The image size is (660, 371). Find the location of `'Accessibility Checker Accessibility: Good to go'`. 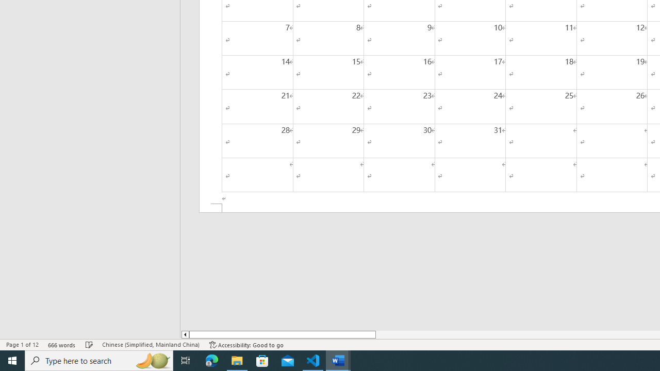

'Accessibility Checker Accessibility: Good to go' is located at coordinates (246, 345).